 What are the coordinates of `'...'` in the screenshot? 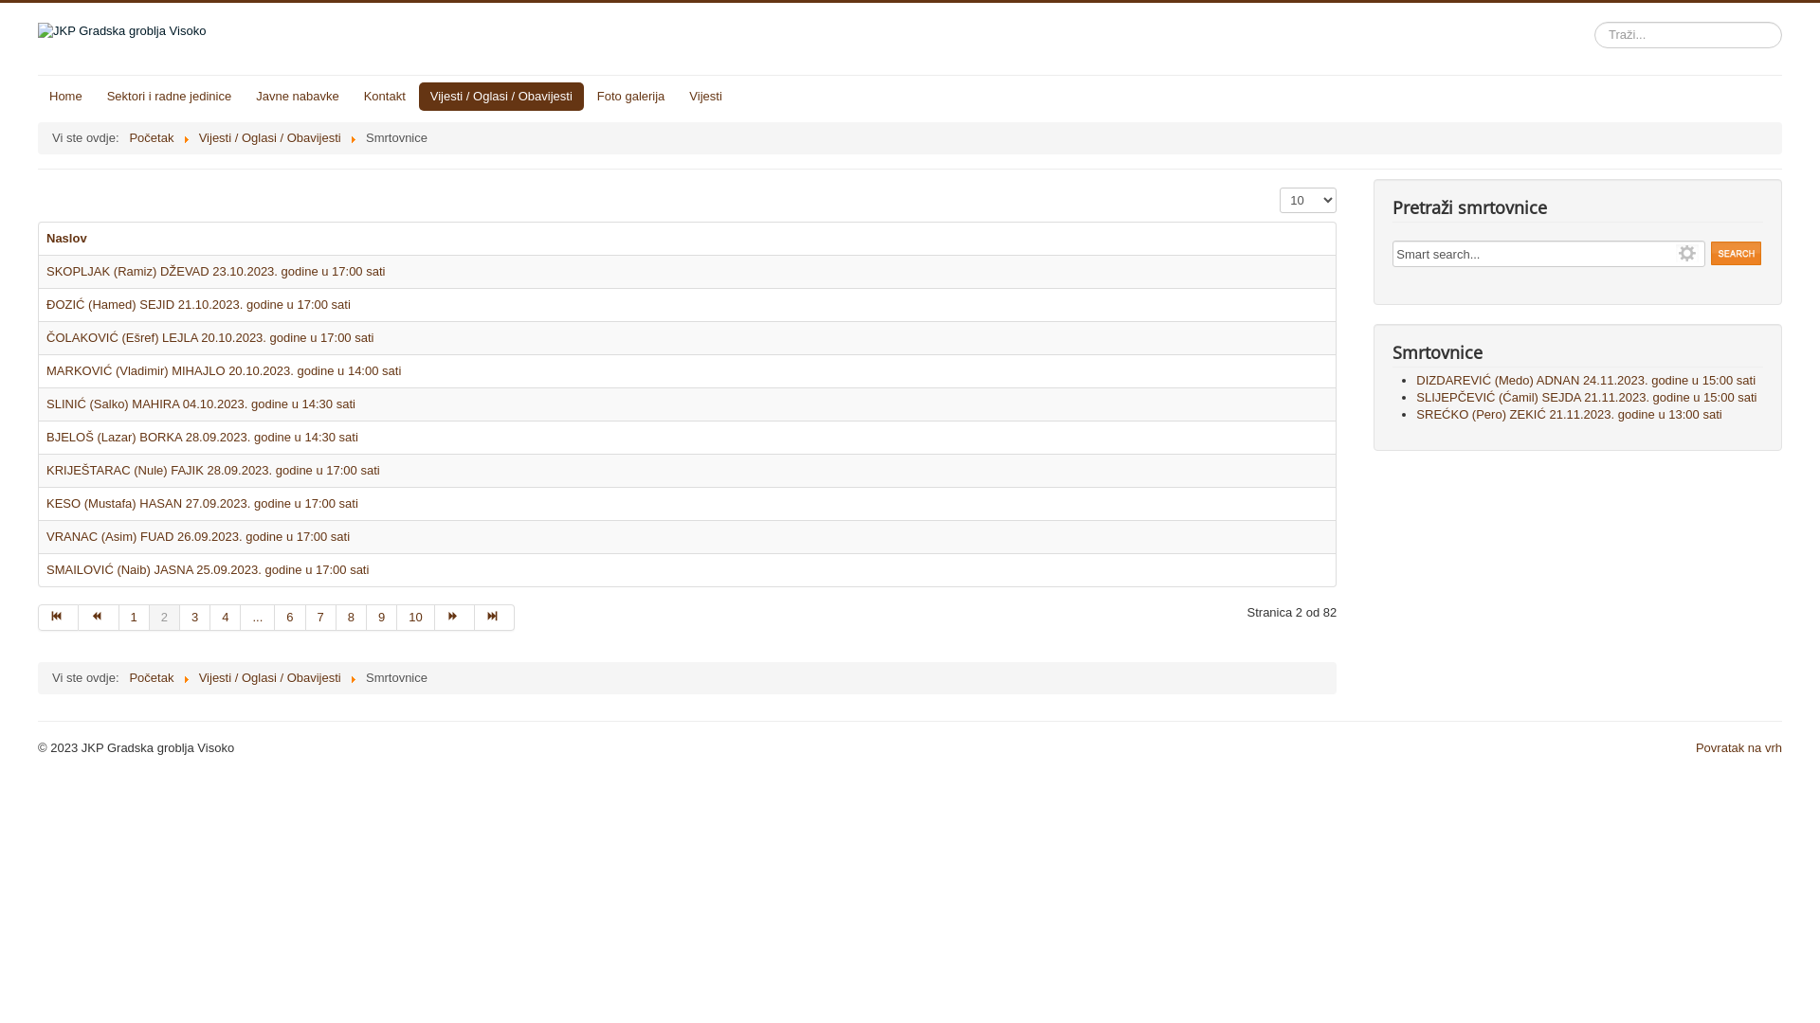 It's located at (240, 617).